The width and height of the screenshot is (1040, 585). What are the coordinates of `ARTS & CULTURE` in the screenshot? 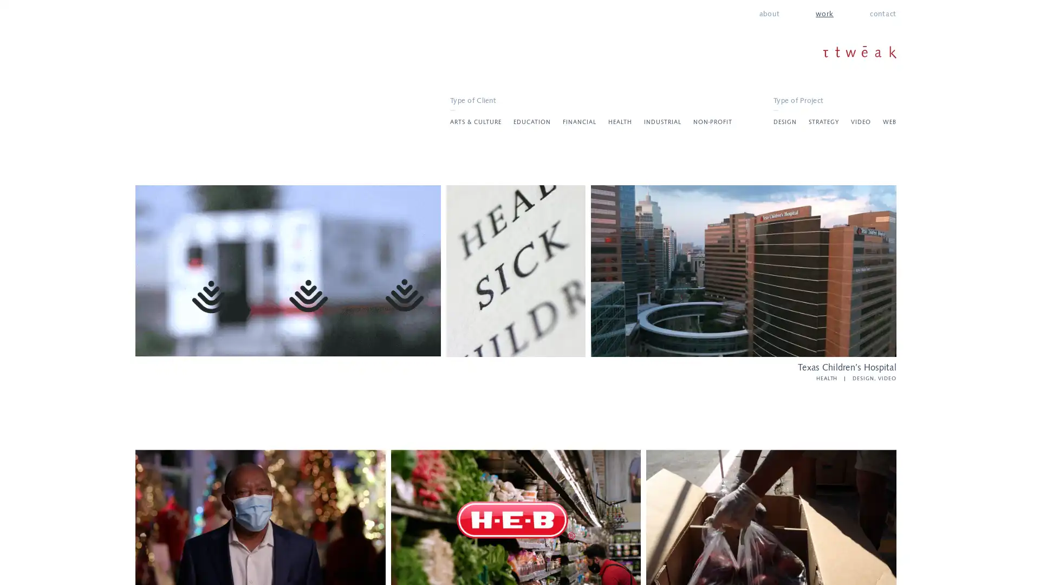 It's located at (476, 122).